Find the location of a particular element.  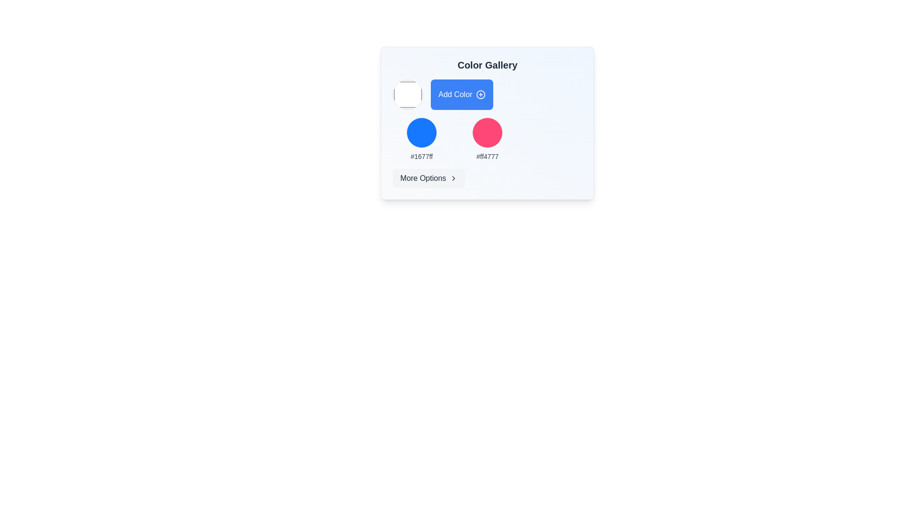

the button located in the bottom-right corner of the 'Color Gallery' panel is located at coordinates (428, 178).